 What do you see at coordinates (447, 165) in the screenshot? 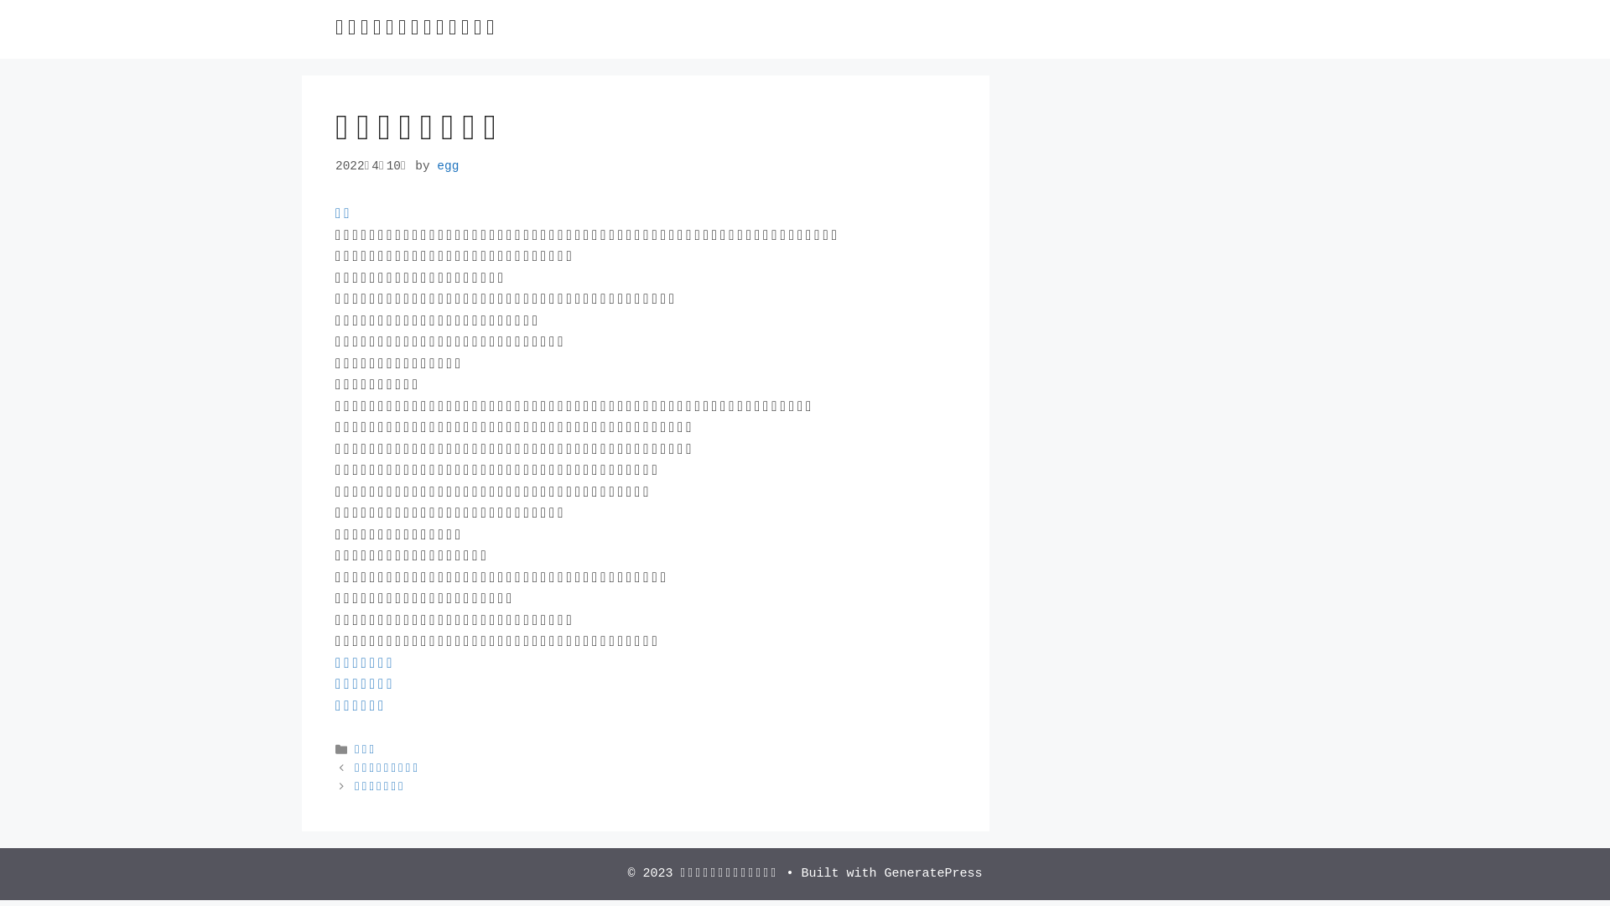
I see `'egg'` at bounding box center [447, 165].